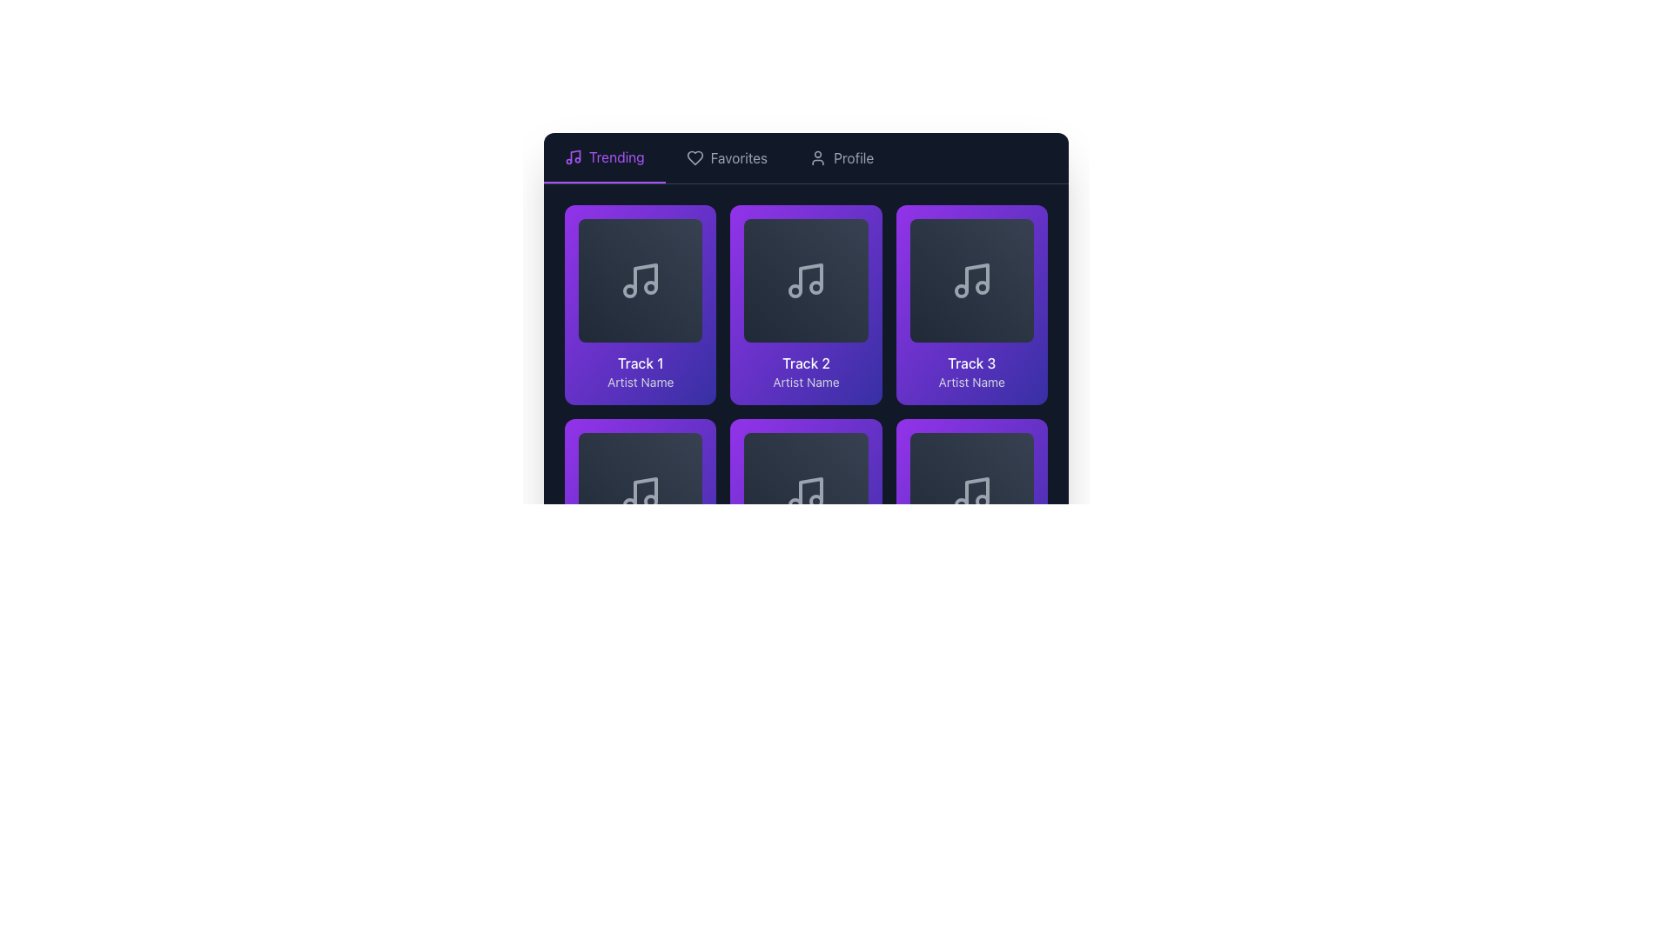 The height and width of the screenshot is (939, 1671). Describe the element at coordinates (640, 495) in the screenshot. I see `the musical note icon located in the second row and first column of the grid layout to interact with its associated functionality` at that location.